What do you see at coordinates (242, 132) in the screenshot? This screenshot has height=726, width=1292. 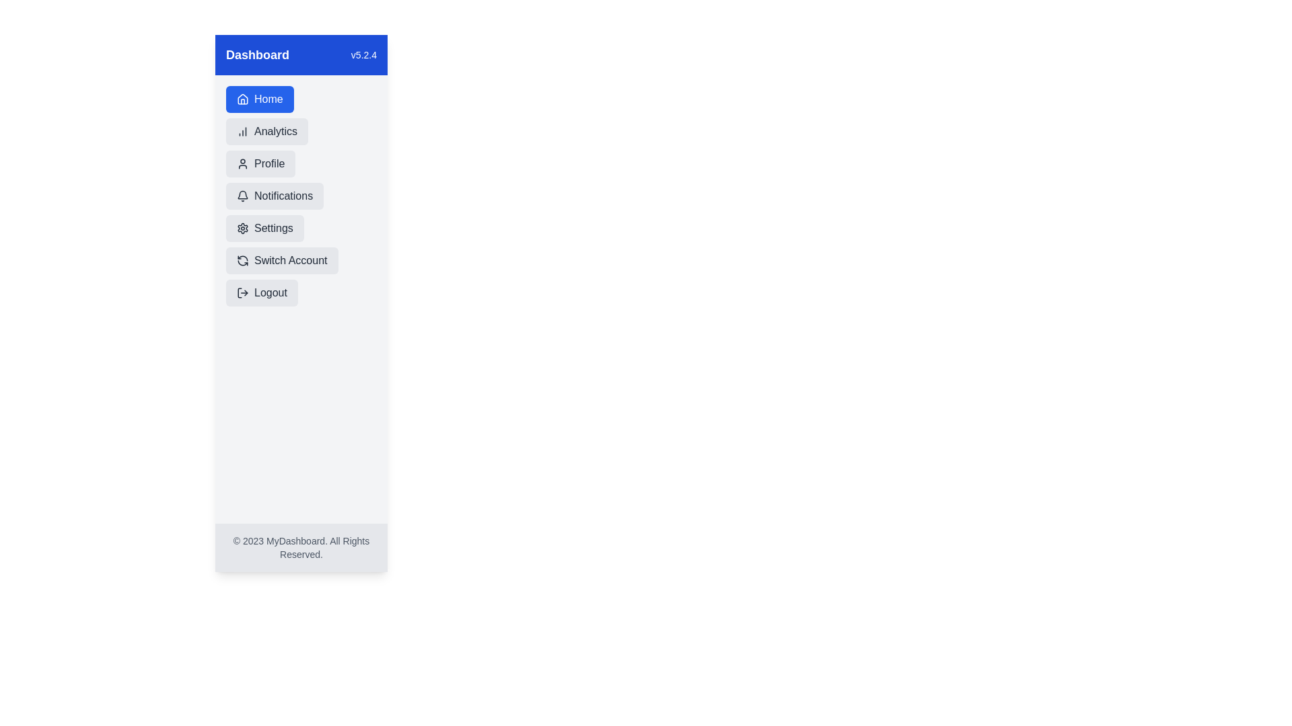 I see `the decorative icon representing analytics located to the left of the 'Analytics' label within the second button of the vertical menu on the left sidebar` at bounding box center [242, 132].